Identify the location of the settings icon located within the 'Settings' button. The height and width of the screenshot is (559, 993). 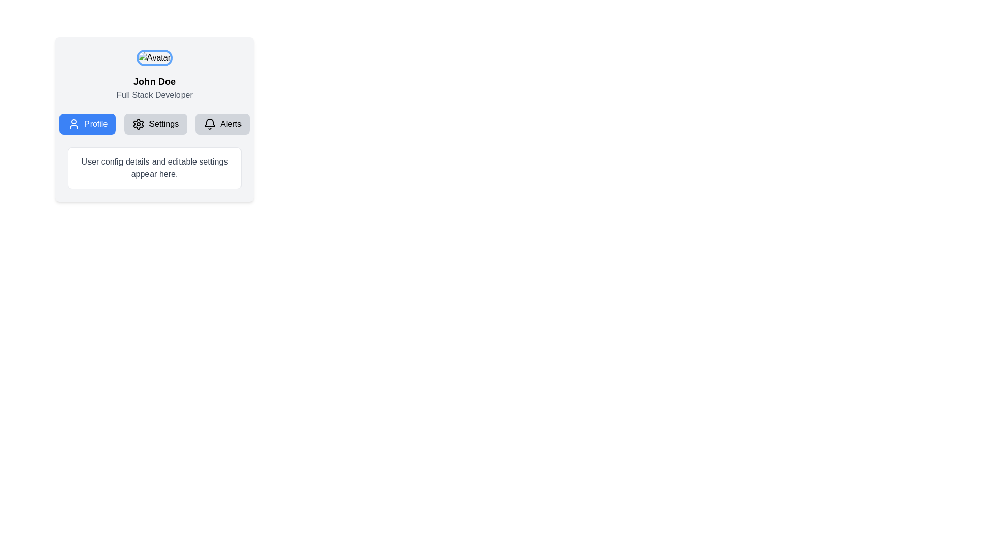
(138, 123).